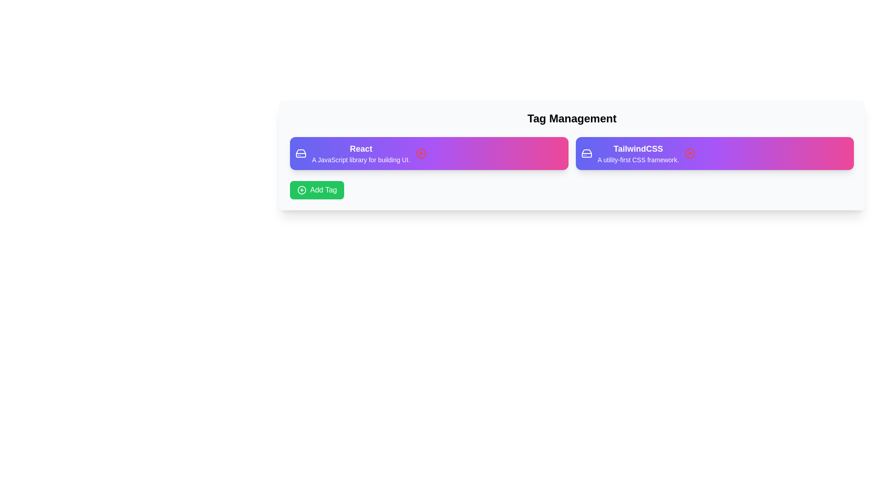  What do you see at coordinates (714, 153) in the screenshot?
I see `the second card` at bounding box center [714, 153].